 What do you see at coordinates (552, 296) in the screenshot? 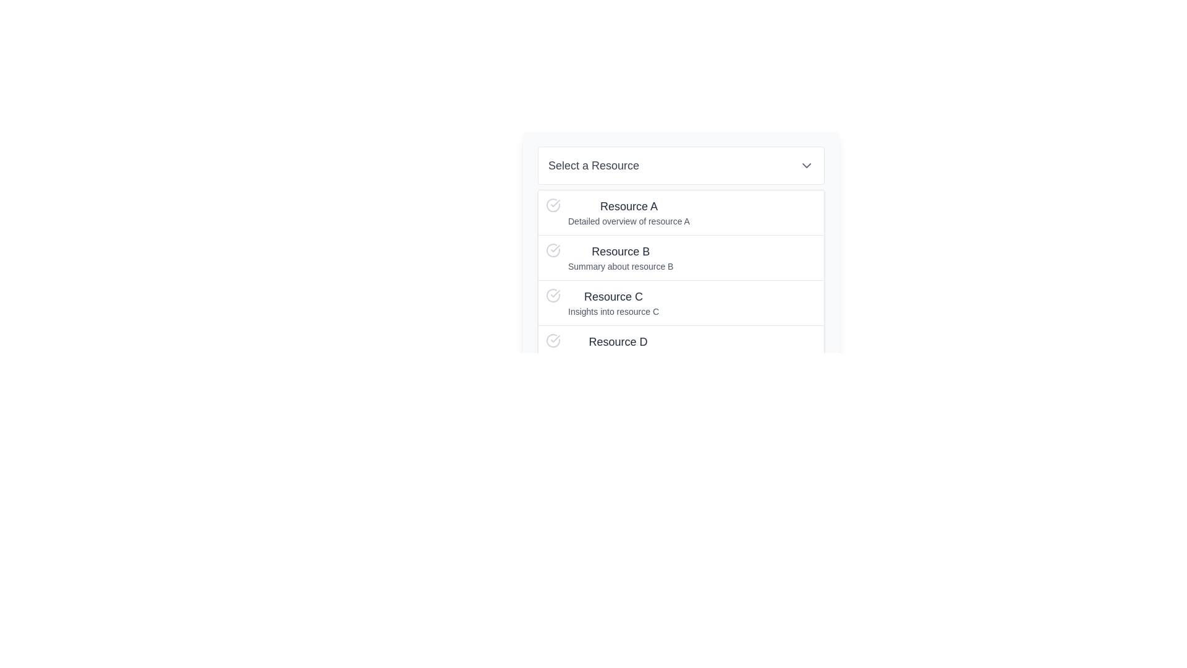
I see `the status indicator icon for 'Resource C'` at bounding box center [552, 296].